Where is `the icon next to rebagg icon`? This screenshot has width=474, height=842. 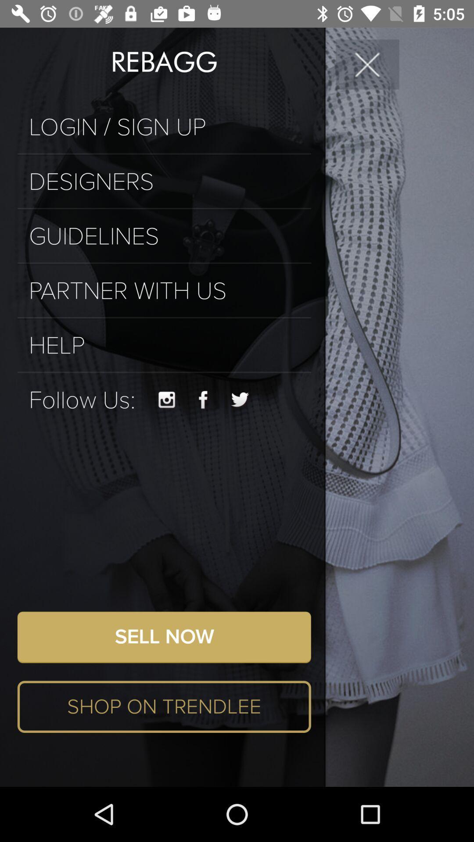 the icon next to rebagg icon is located at coordinates (367, 64).